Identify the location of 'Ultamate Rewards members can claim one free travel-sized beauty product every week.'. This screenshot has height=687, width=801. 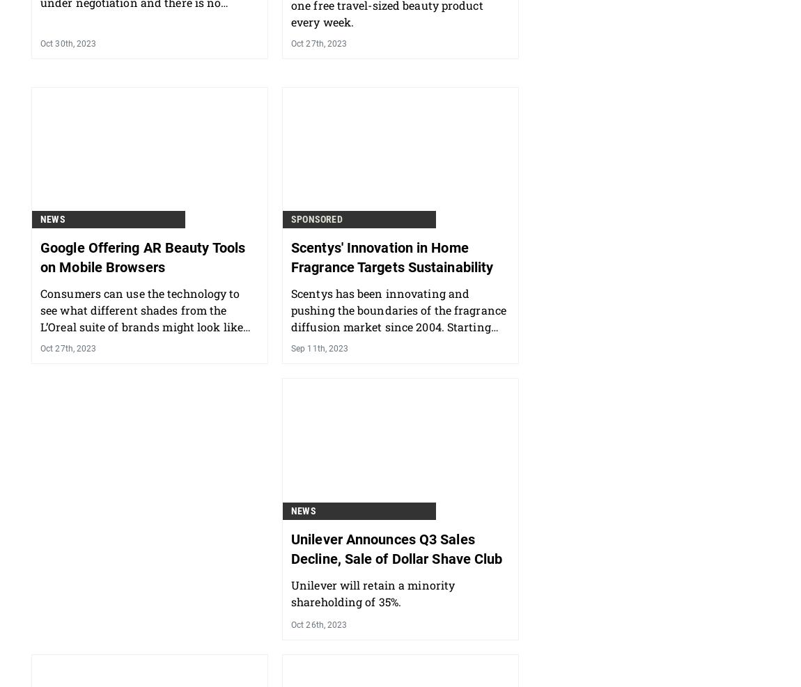
(394, 78).